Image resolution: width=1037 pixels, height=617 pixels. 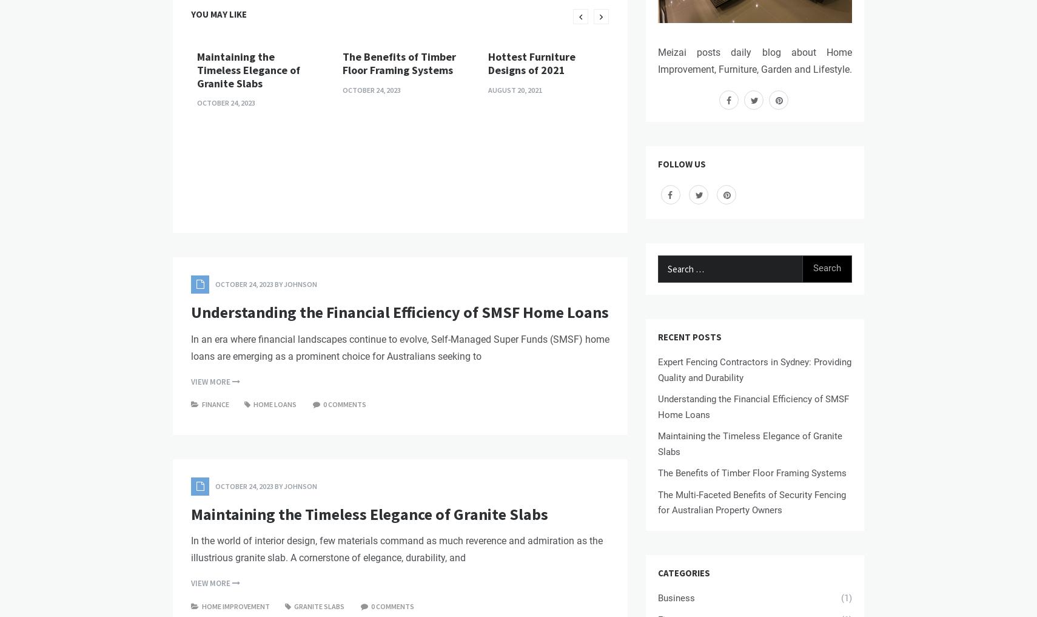 What do you see at coordinates (754, 369) in the screenshot?
I see `'Expert Fencing Contractors in Sydney: Providing Quality and Durability'` at bounding box center [754, 369].